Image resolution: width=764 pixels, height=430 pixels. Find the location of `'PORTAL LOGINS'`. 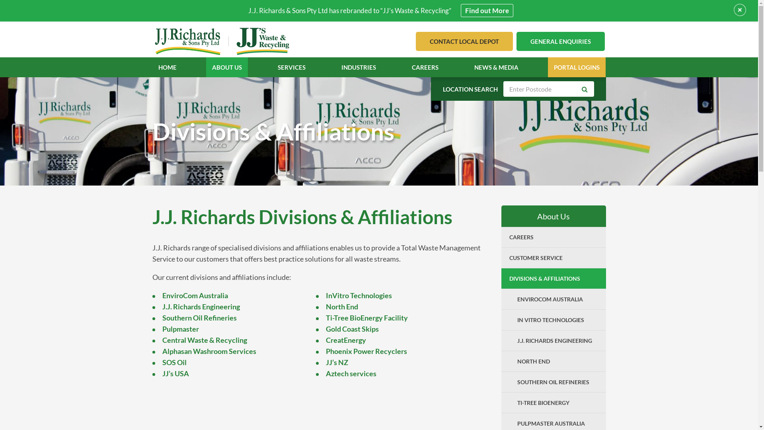

'PORTAL LOGINS' is located at coordinates (577, 67).